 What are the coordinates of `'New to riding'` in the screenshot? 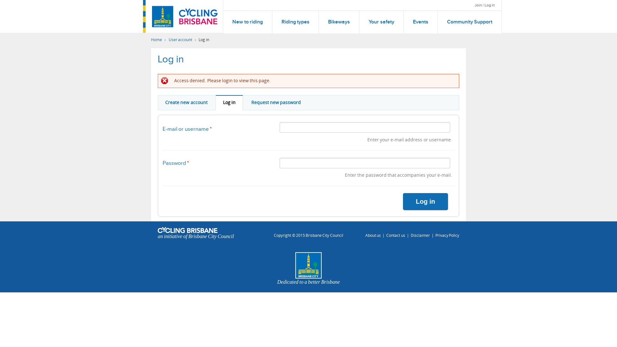 It's located at (247, 22).